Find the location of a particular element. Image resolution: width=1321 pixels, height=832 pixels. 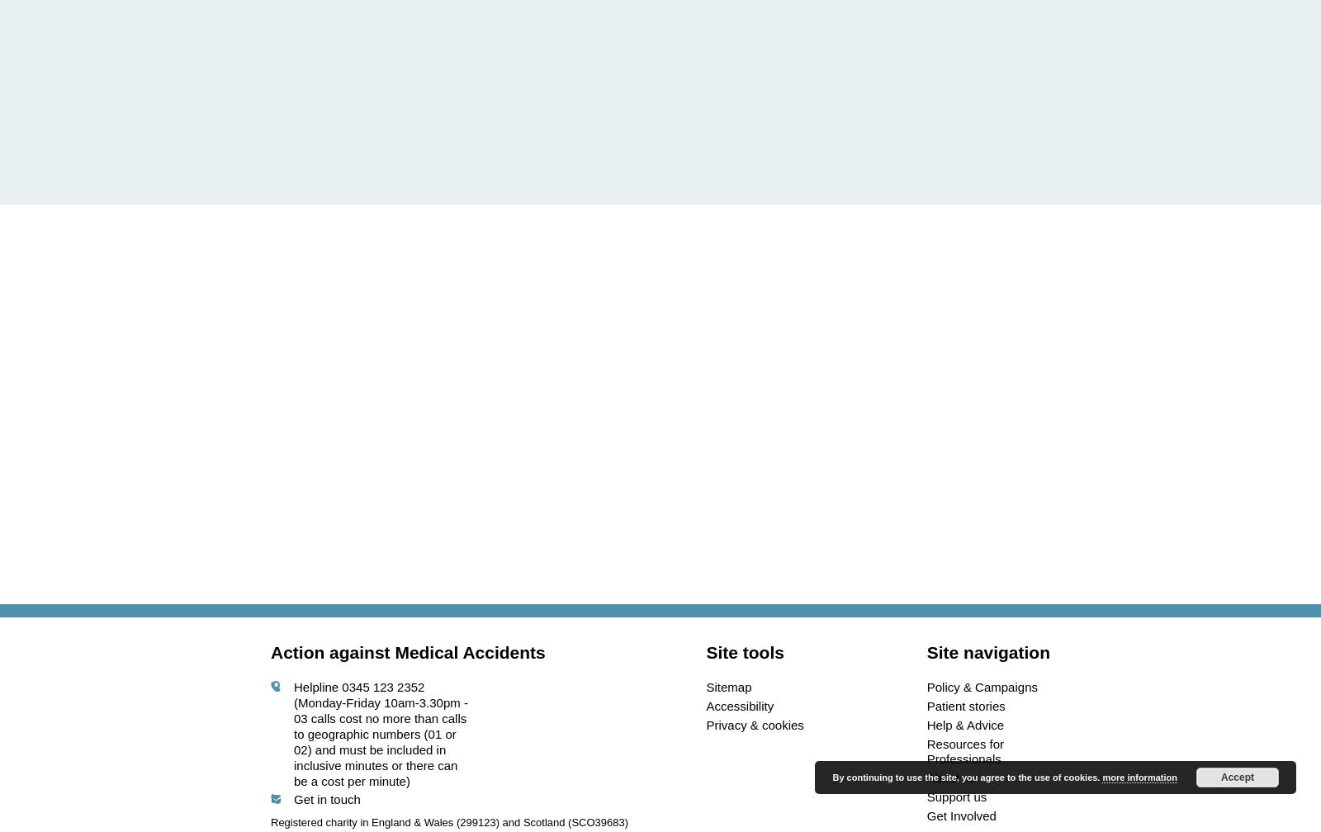

'Site tools' is located at coordinates (705, 652).